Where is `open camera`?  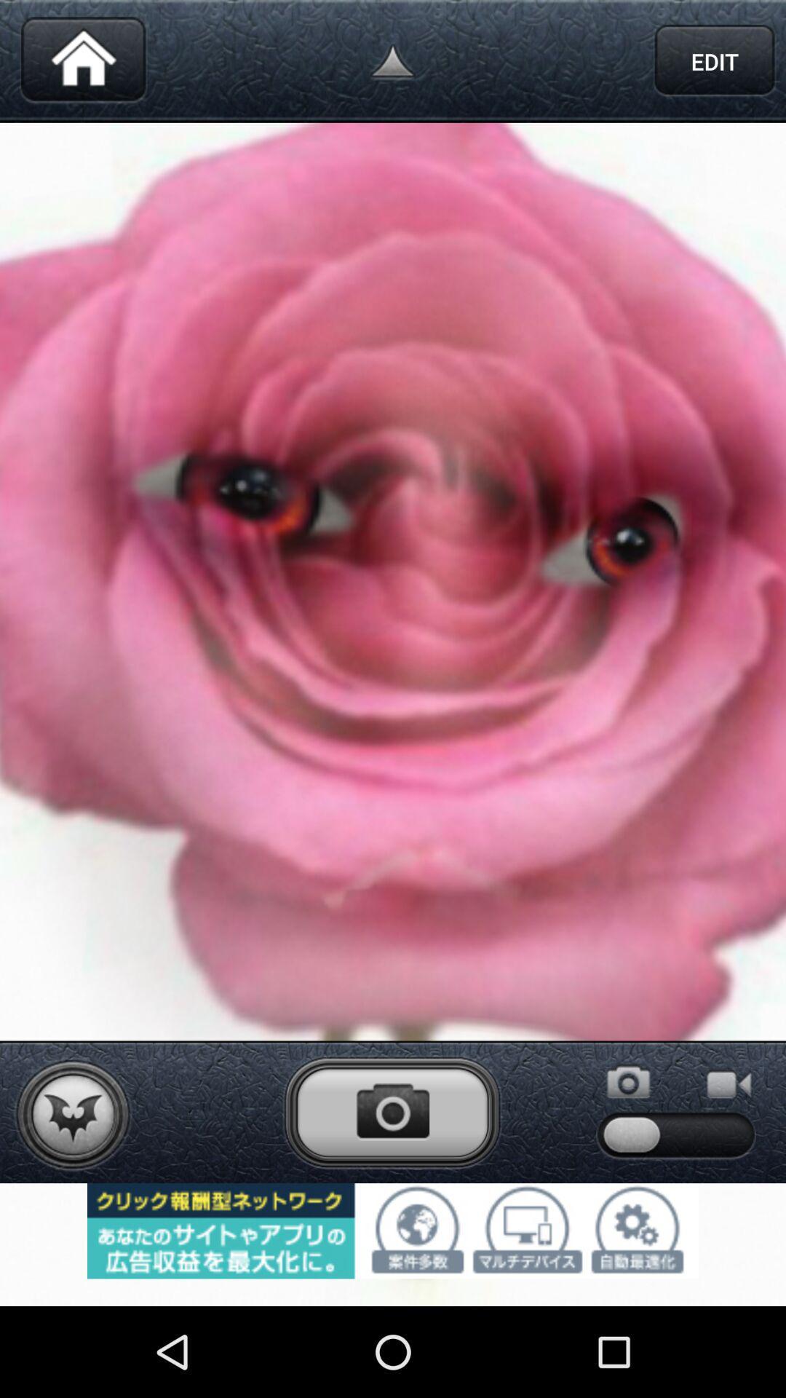
open camera is located at coordinates (392, 1111).